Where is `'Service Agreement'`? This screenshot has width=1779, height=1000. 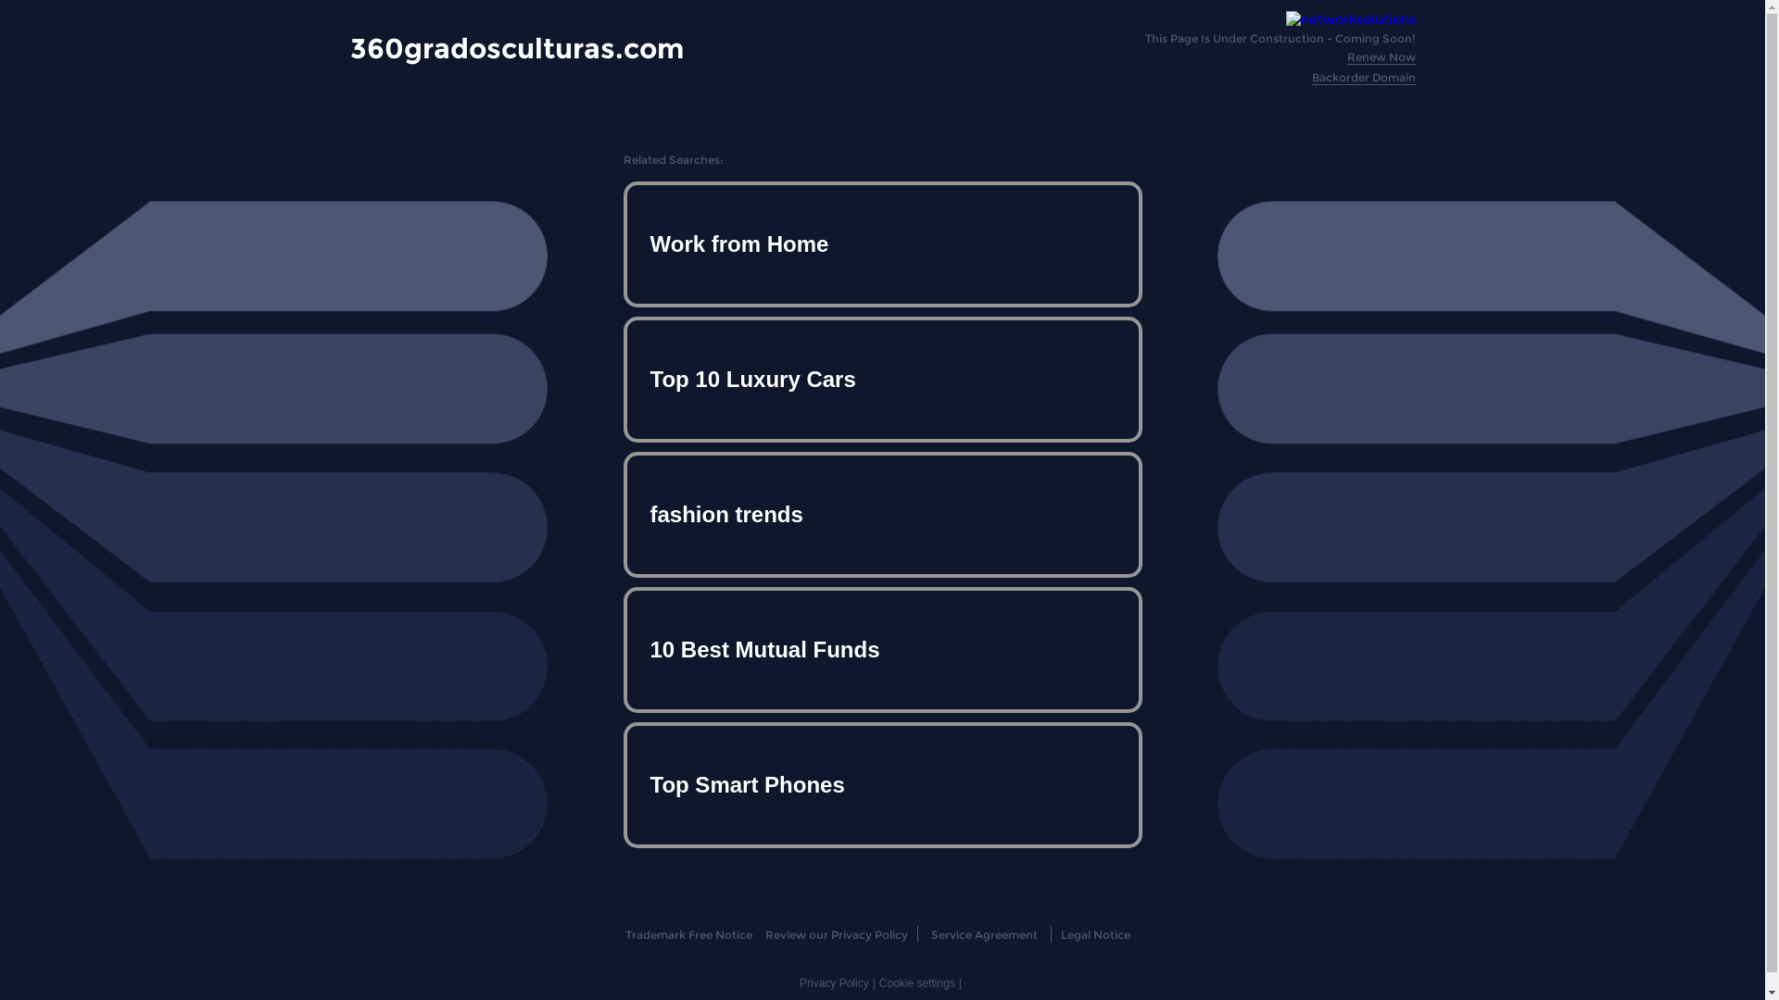 'Service Agreement' is located at coordinates (983, 934).